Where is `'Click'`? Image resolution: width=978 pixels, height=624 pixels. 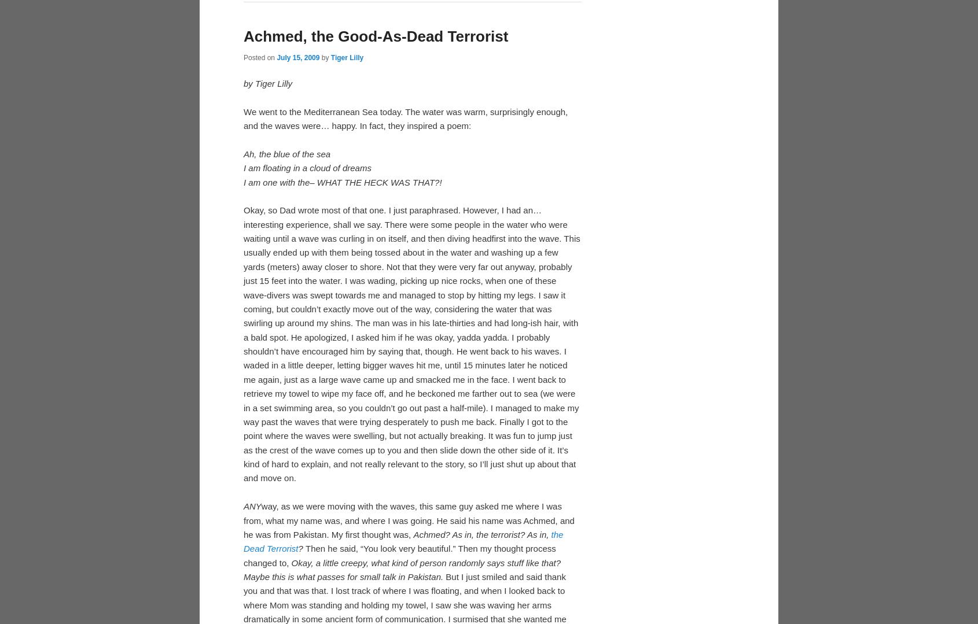
'Click' is located at coordinates (254, 81).